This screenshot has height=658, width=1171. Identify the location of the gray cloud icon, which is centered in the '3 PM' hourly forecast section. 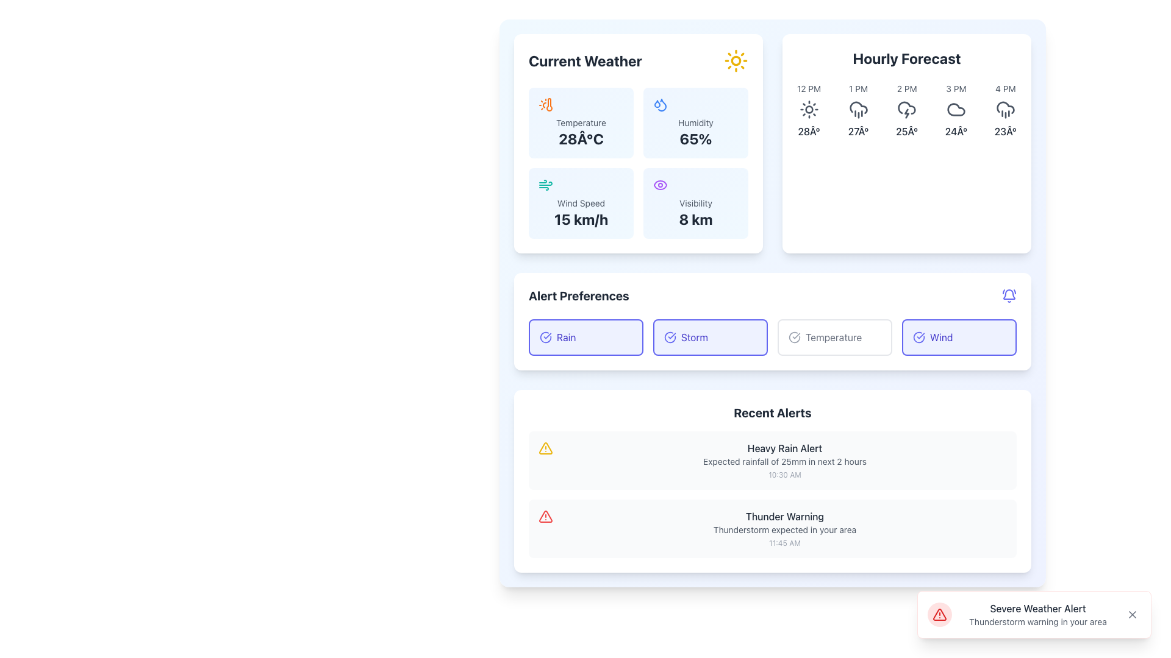
(956, 110).